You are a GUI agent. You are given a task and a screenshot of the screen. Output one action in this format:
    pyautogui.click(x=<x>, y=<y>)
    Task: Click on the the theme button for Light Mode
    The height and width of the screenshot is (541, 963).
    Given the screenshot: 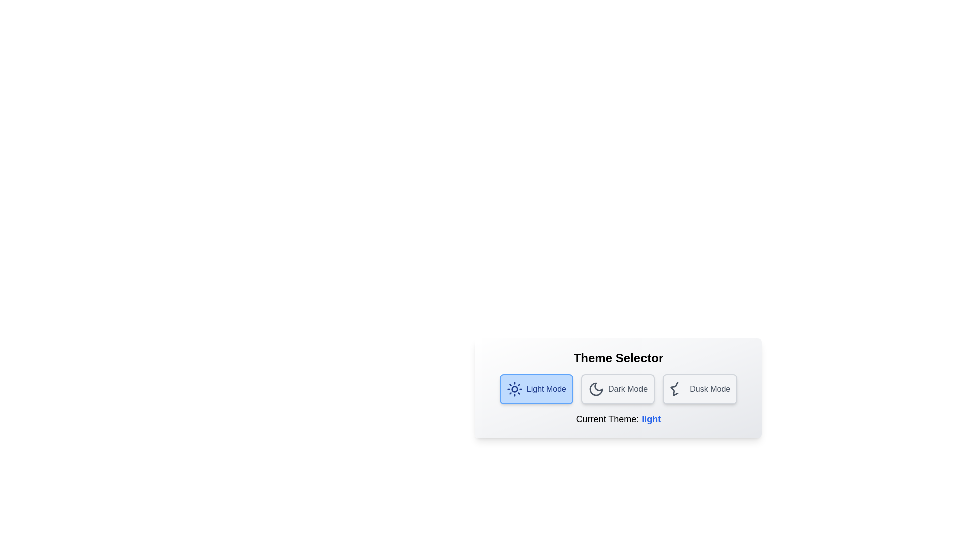 What is the action you would take?
    pyautogui.click(x=536, y=388)
    